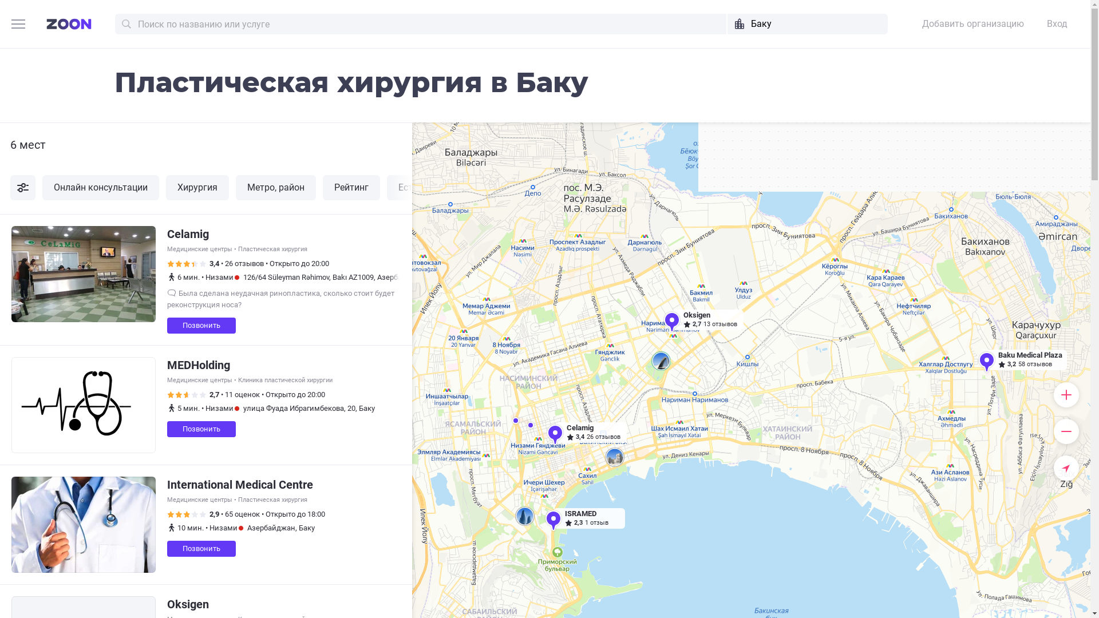  Describe the element at coordinates (188, 233) in the screenshot. I see `'Celamig'` at that location.